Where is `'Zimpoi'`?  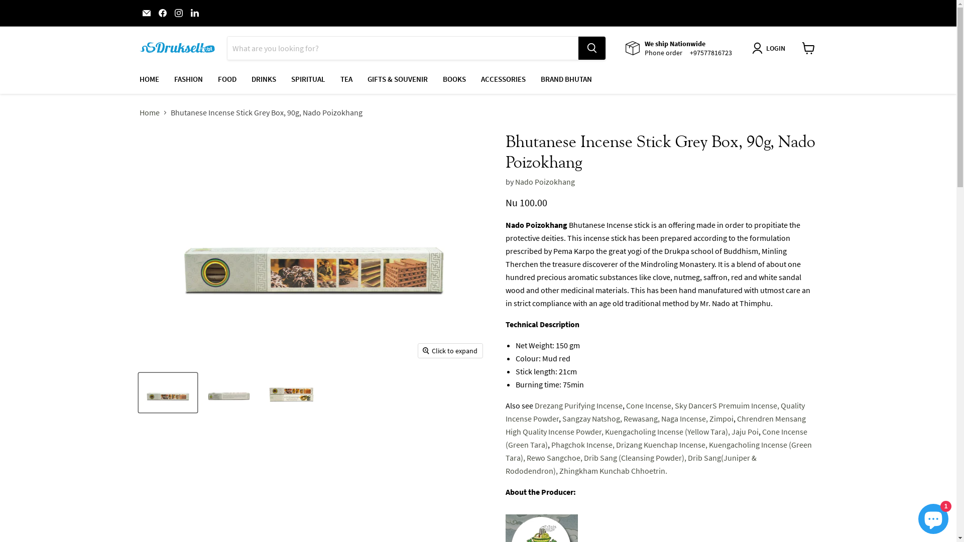
'Zimpoi' is located at coordinates (720, 418).